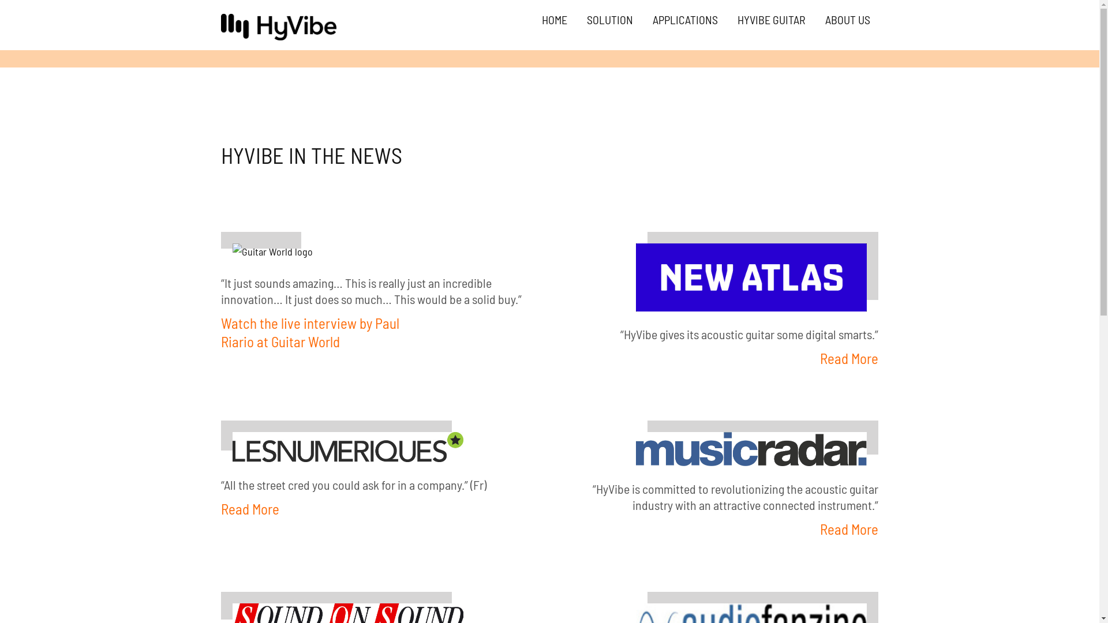 This screenshot has width=1108, height=623. What do you see at coordinates (643, 20) in the screenshot?
I see `'APPLICATIONS'` at bounding box center [643, 20].